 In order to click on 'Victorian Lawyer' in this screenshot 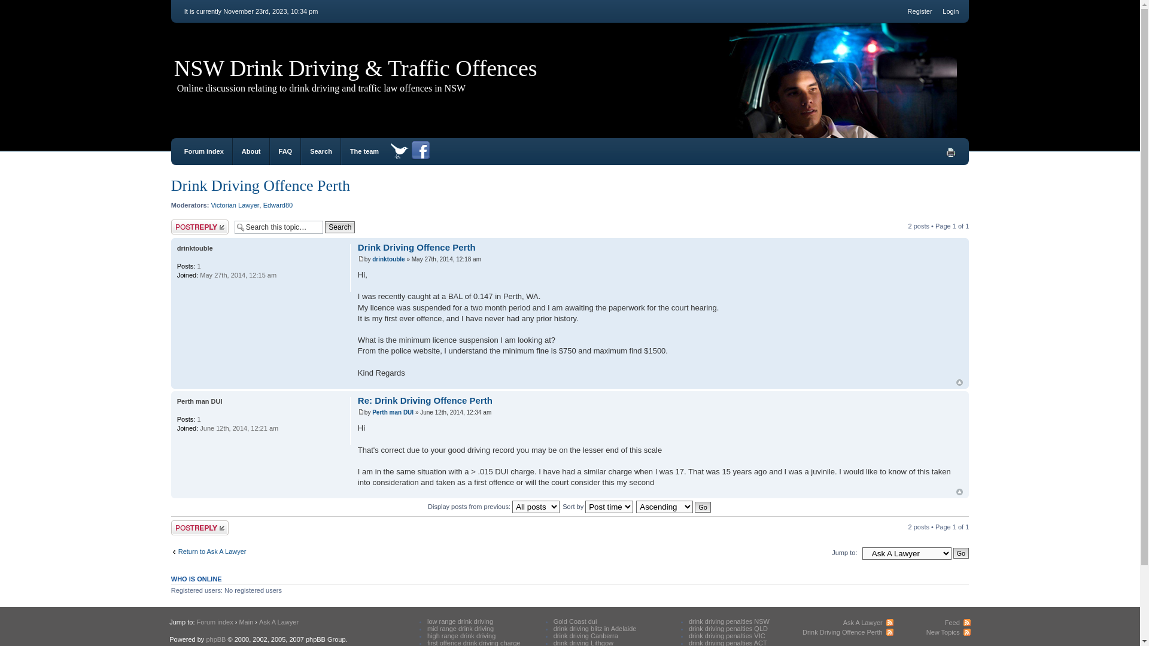, I will do `click(210, 205)`.